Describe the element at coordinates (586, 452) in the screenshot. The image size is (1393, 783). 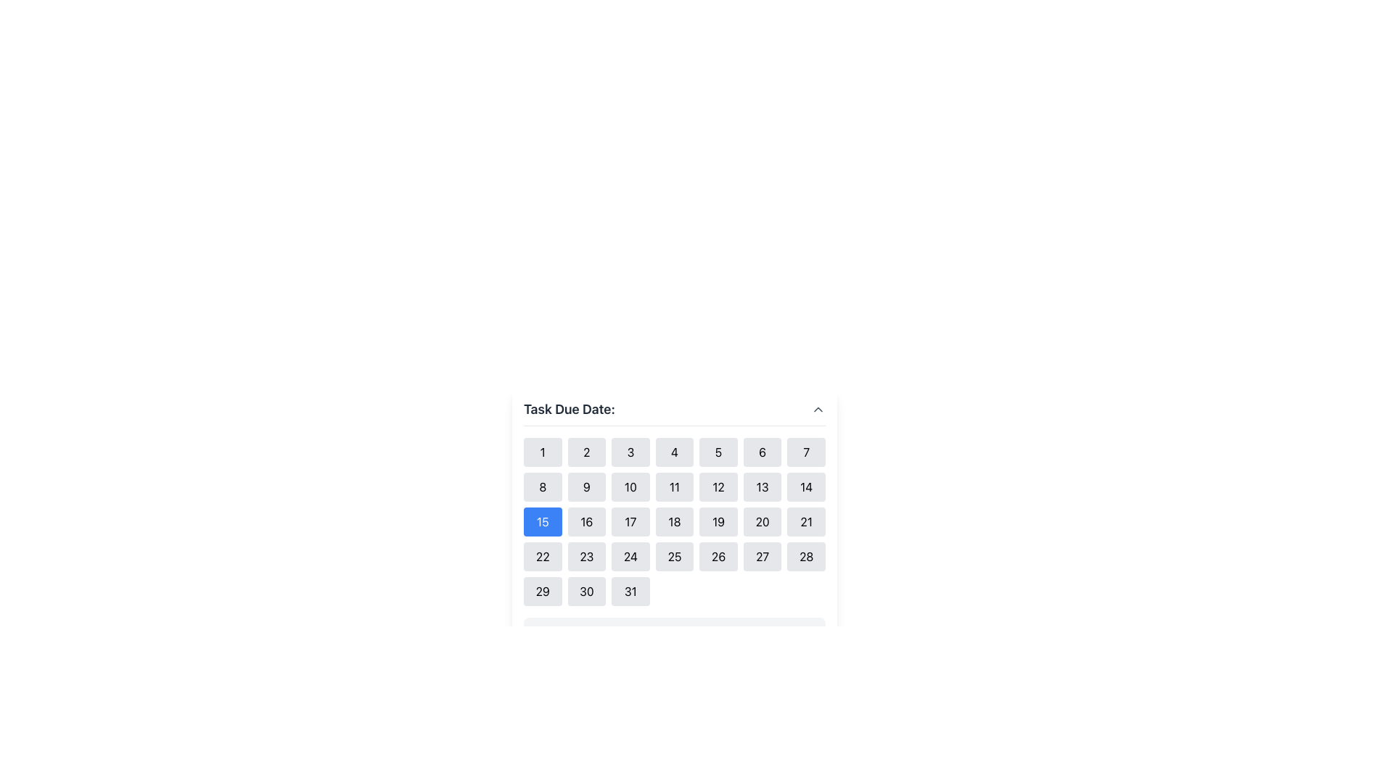
I see `the selectable date button labeled '2' in the calendar interface` at that location.